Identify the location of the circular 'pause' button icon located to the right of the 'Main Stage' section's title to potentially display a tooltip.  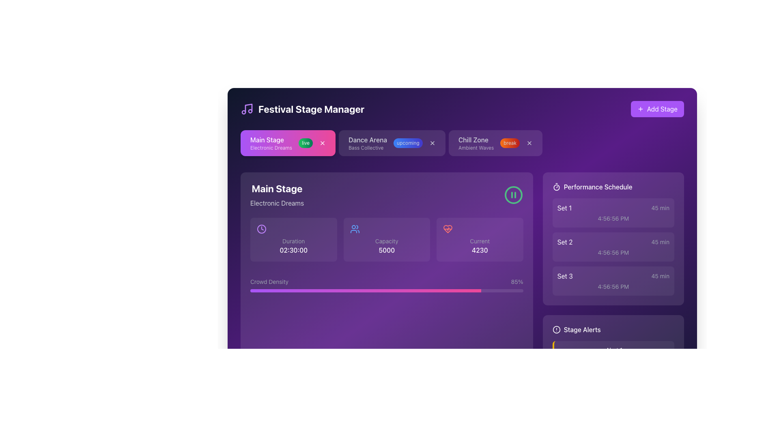
(513, 195).